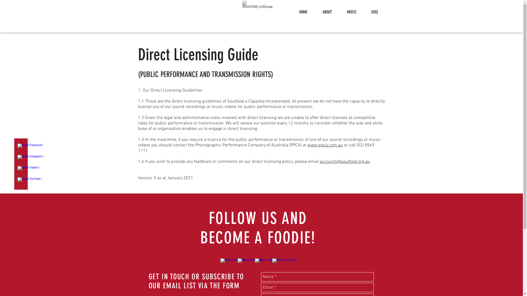 Image resolution: width=527 pixels, height=296 pixels. I want to click on 'ABOUT', so click(327, 12).